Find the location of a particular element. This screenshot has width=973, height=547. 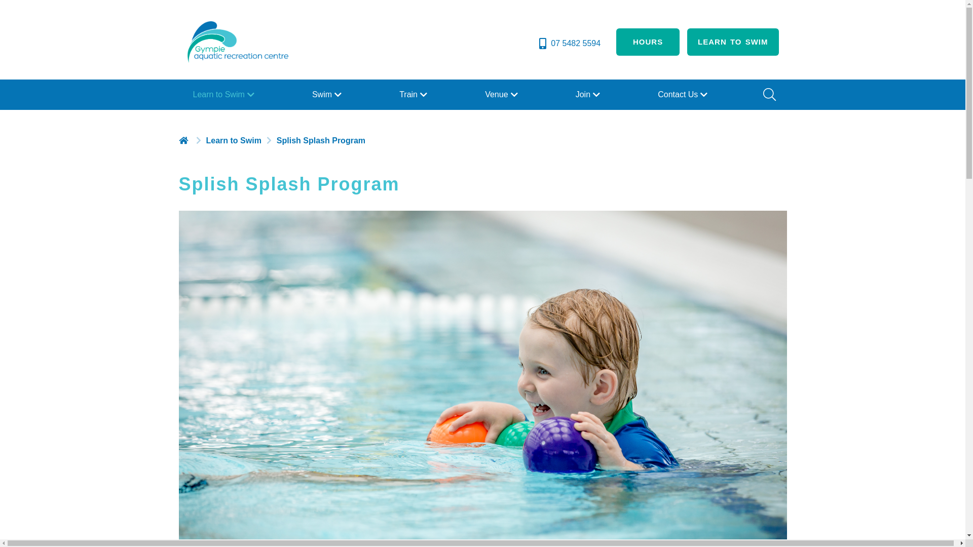

'HOURS' is located at coordinates (647, 42).